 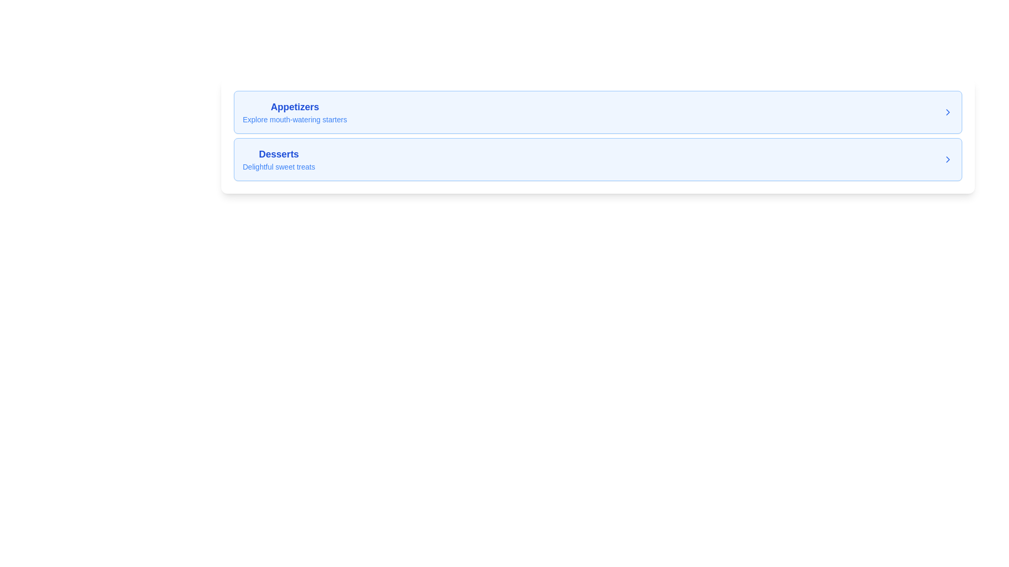 What do you see at coordinates (948, 112) in the screenshot?
I see `the Chevron icon located in the header labeled 'Appetizers'` at bounding box center [948, 112].